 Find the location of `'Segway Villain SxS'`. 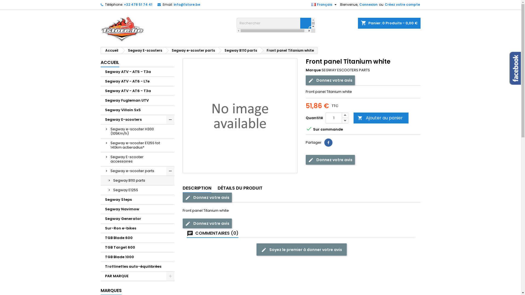

'Segway Villain SxS' is located at coordinates (138, 110).